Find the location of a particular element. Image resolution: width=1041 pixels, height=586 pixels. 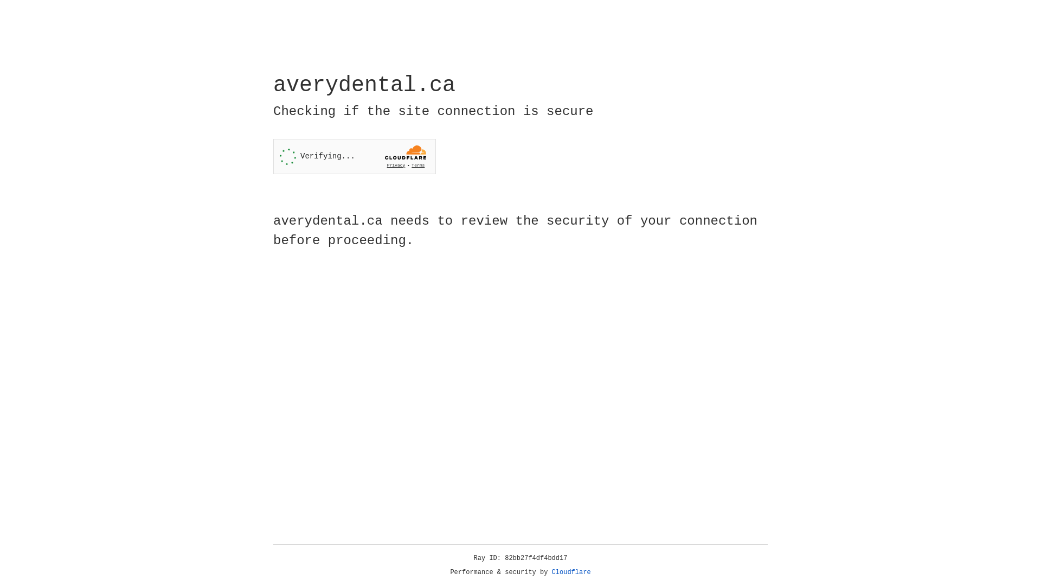

'Cloudflare' is located at coordinates (551, 572).